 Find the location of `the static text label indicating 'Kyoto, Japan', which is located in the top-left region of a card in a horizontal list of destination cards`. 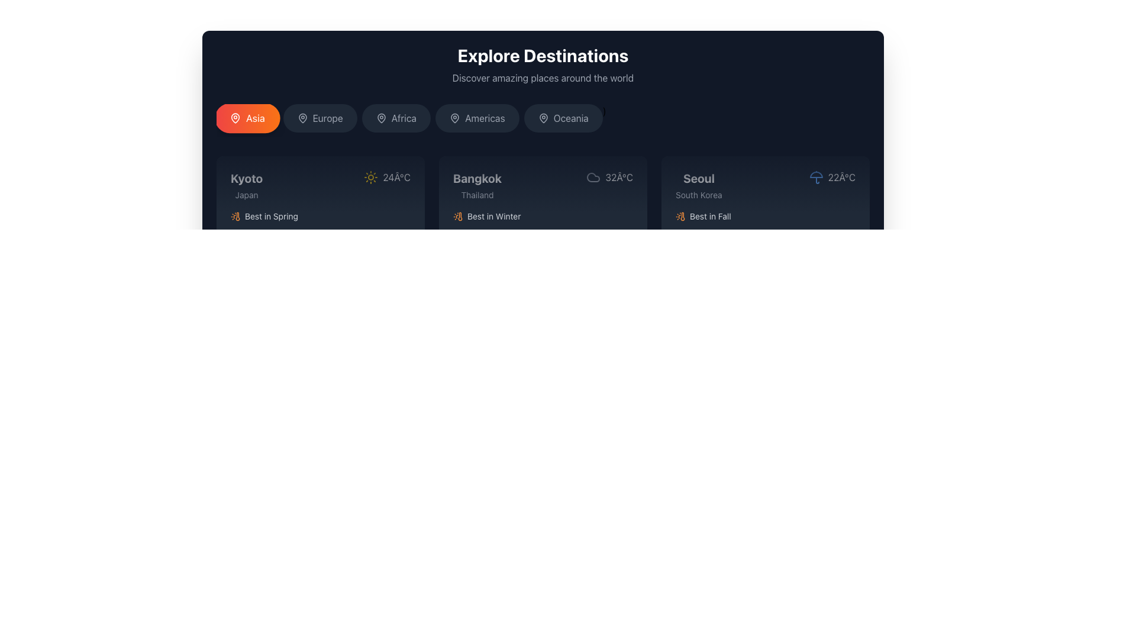

the static text label indicating 'Kyoto, Japan', which is located in the top-left region of a card in a horizontal list of destination cards is located at coordinates (246, 185).